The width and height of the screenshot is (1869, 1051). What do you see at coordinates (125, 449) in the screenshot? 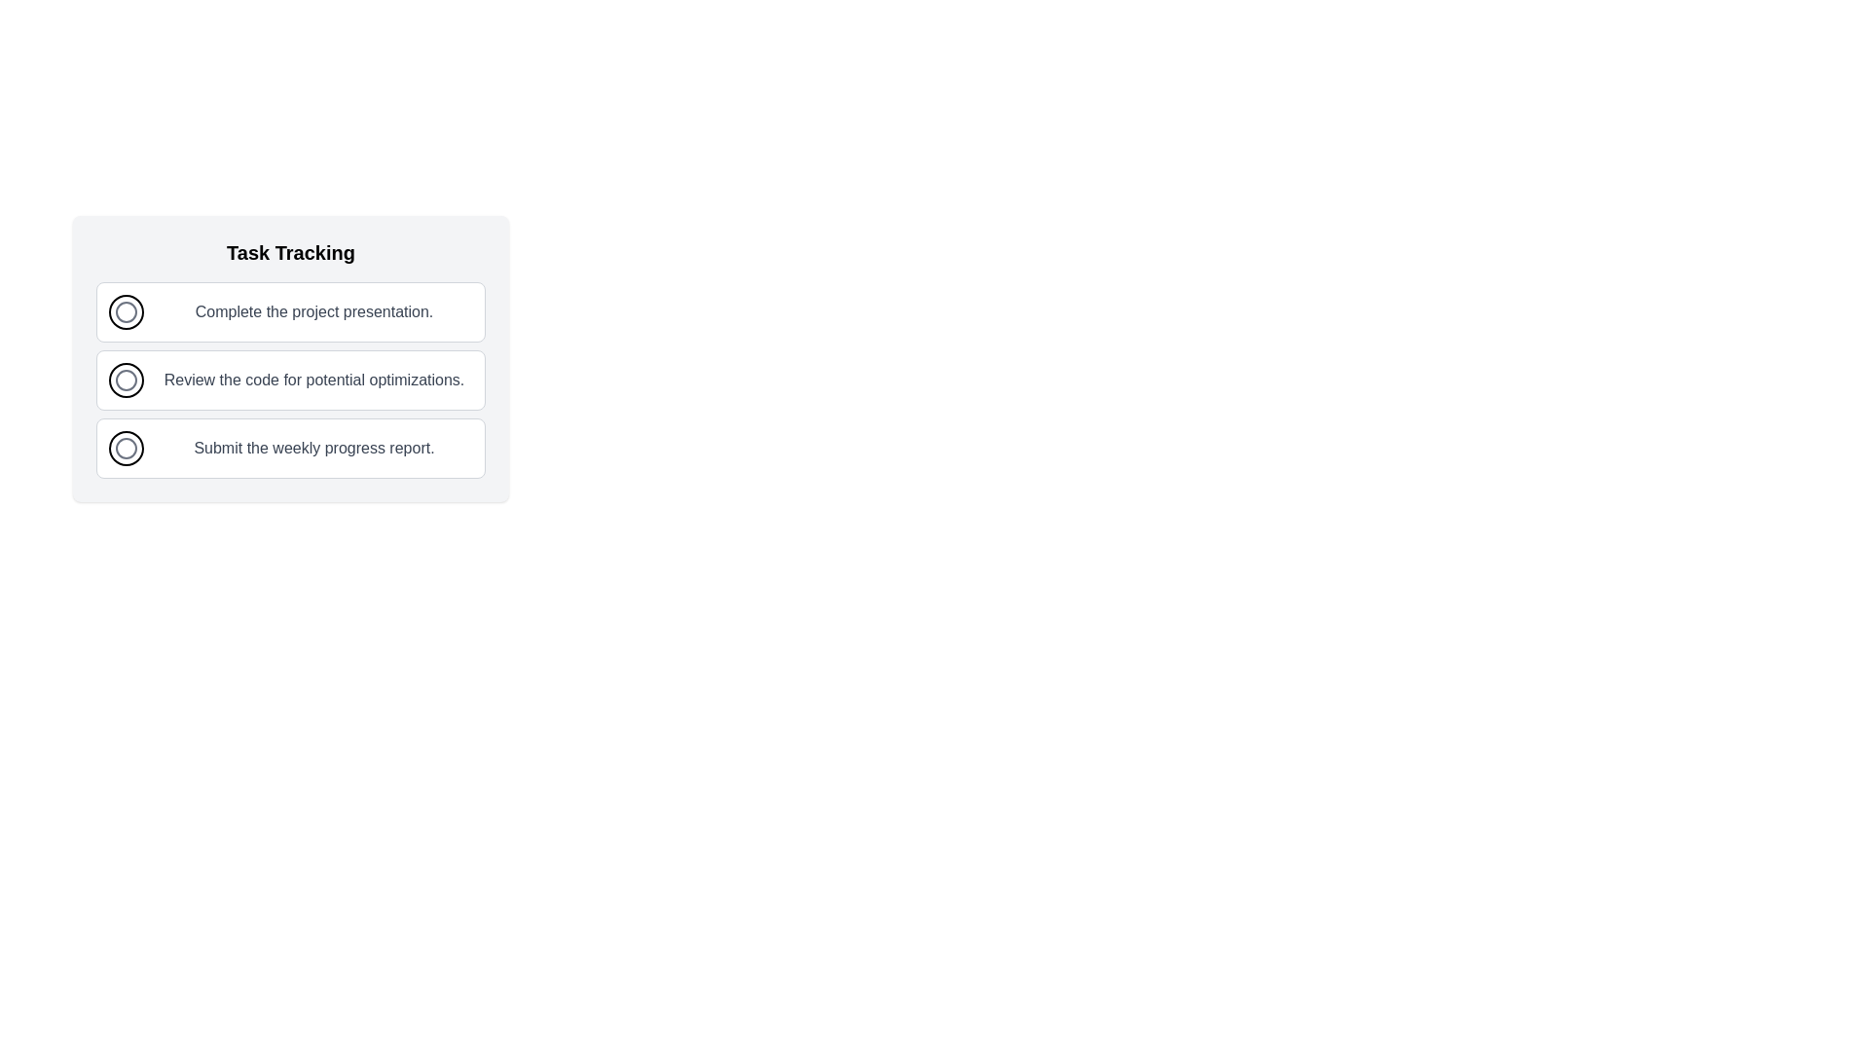
I see `the checkbox located in the third row of the task list within the 'Task Tracking' section, to the left of the text 'Submit the weekly progress report'` at bounding box center [125, 449].